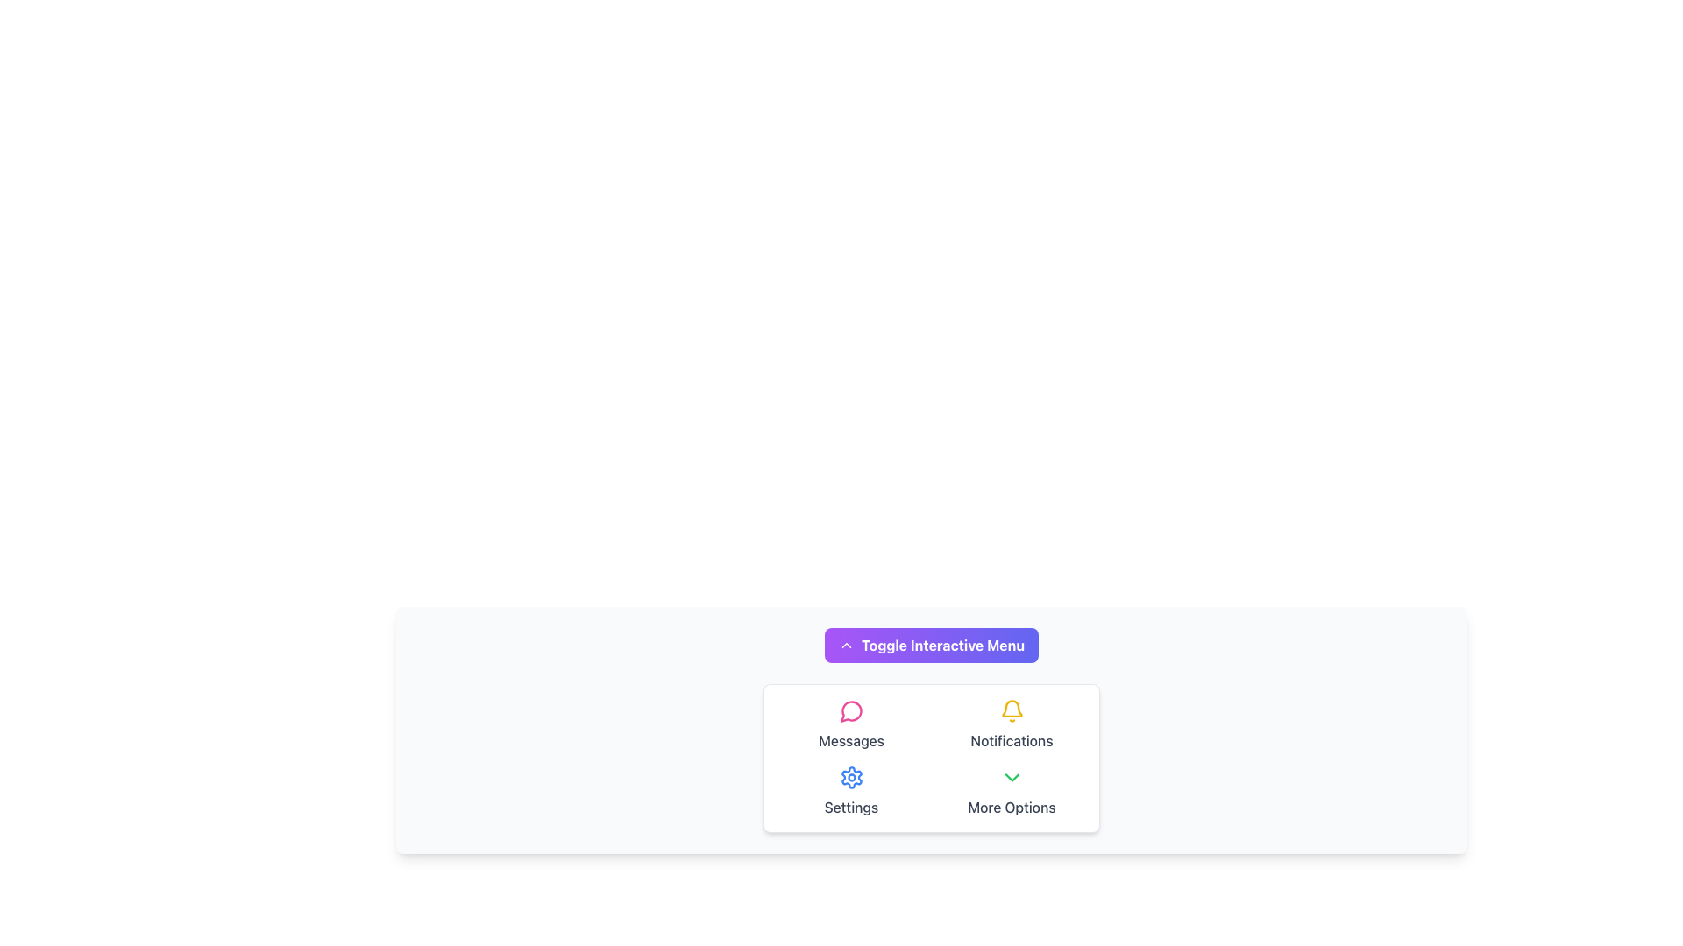 The width and height of the screenshot is (1683, 946). What do you see at coordinates (851, 791) in the screenshot?
I see `the 'Settings' button which is the third item in the grid layout, located in the bottom-left region, below the 'Messages' item` at bounding box center [851, 791].